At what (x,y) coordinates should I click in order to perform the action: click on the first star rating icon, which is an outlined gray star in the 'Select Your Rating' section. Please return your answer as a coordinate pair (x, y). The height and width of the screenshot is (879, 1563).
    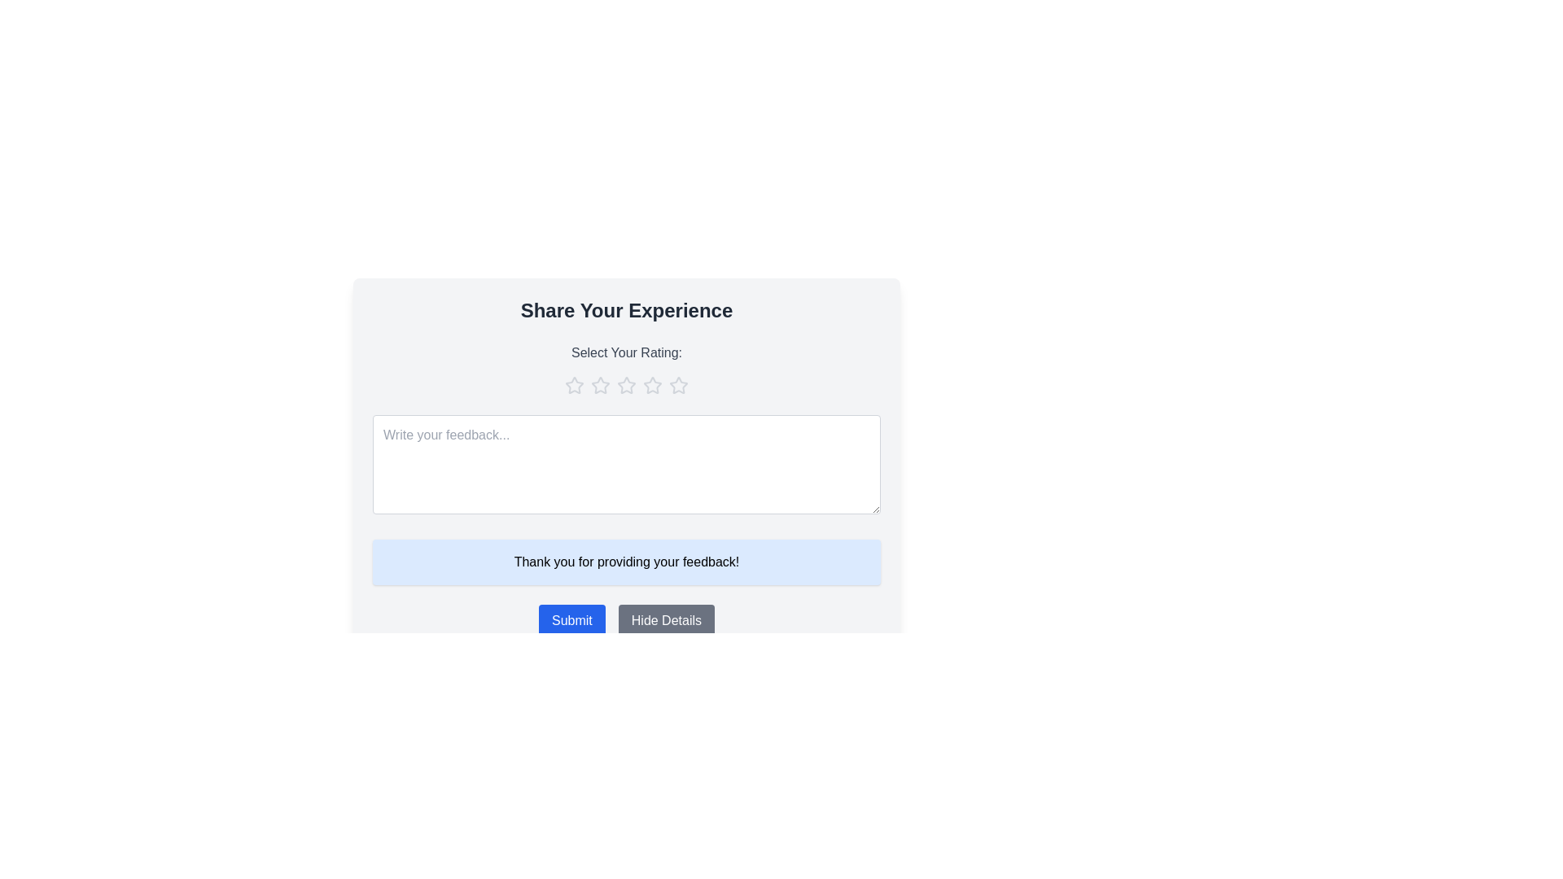
    Looking at the image, I should click on (574, 386).